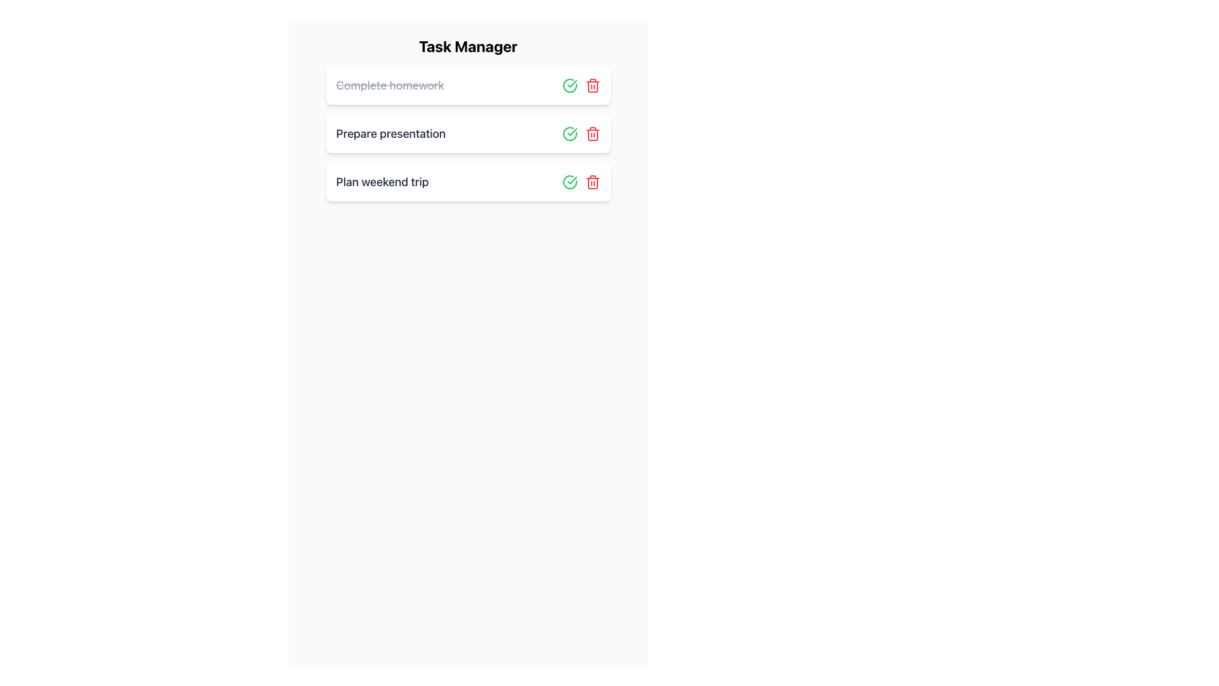 This screenshot has height=686, width=1219. Describe the element at coordinates (467, 46) in the screenshot. I see `the main heading element that indicates the primary functionality of the task management interface, positioned at the top of the central section` at that location.